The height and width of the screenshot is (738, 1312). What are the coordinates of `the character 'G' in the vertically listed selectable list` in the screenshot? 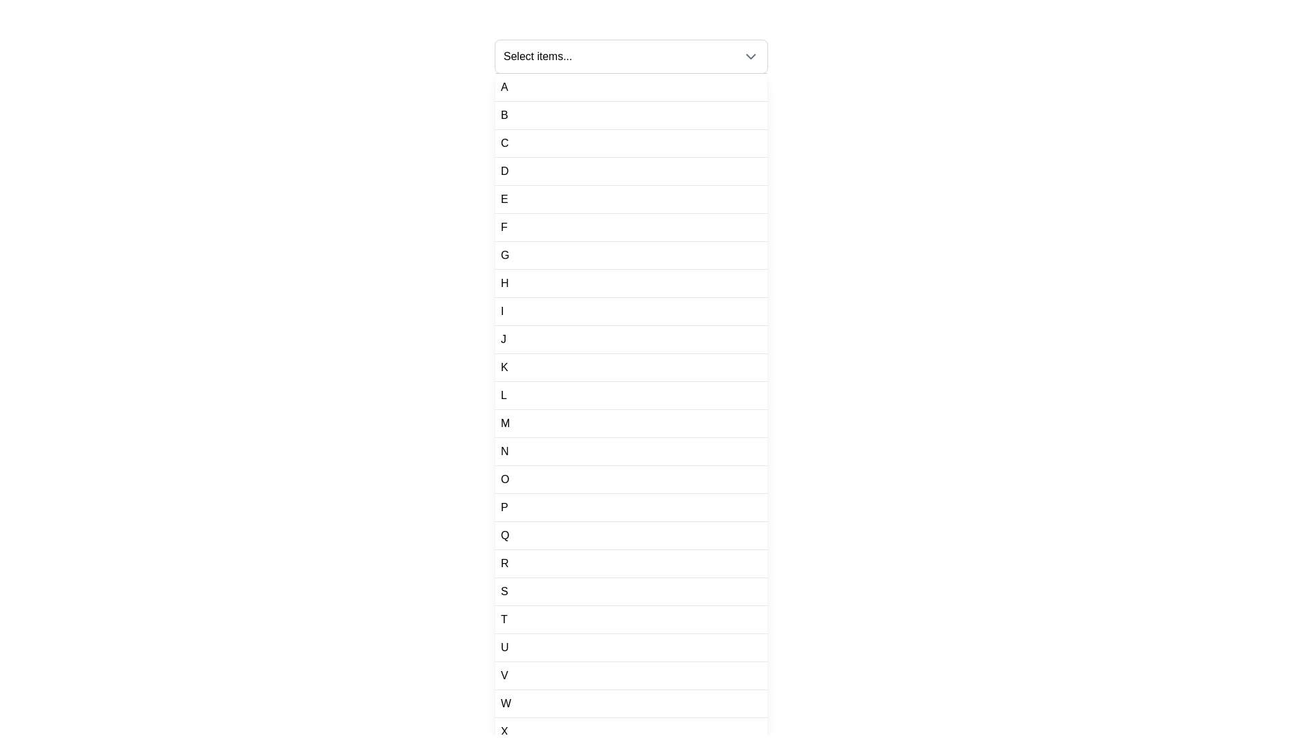 It's located at (504, 256).